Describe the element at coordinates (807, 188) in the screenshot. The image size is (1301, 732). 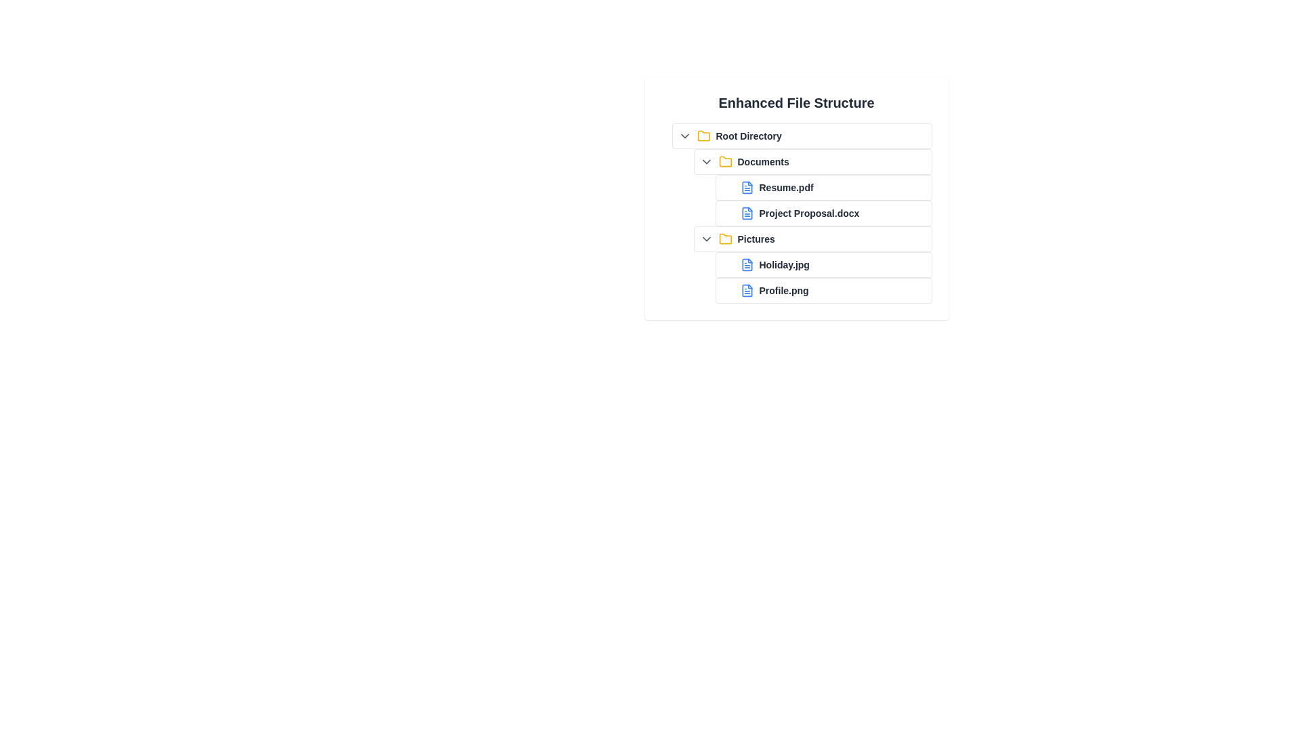
I see `the 'Resume.pdf' text label located within the 'Documents' folder` at that location.